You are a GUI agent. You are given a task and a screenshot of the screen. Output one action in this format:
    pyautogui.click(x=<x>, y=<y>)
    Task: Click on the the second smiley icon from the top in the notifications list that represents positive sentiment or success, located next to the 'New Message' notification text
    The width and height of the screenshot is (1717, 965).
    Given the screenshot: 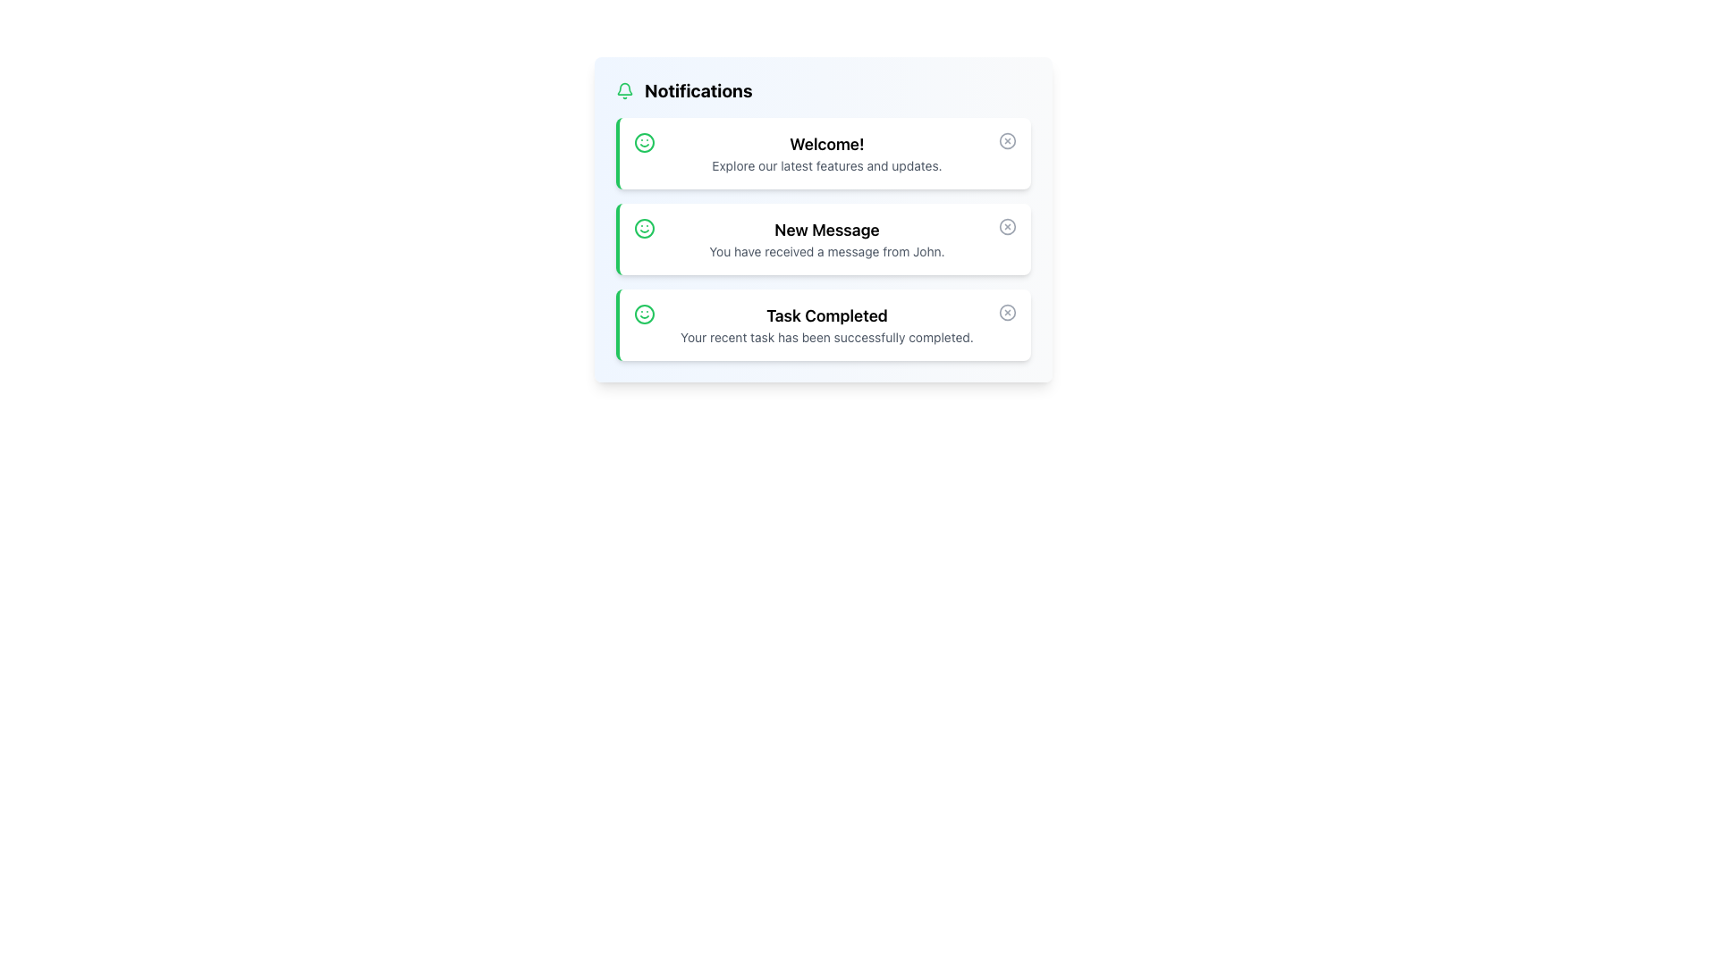 What is the action you would take?
    pyautogui.click(x=644, y=227)
    